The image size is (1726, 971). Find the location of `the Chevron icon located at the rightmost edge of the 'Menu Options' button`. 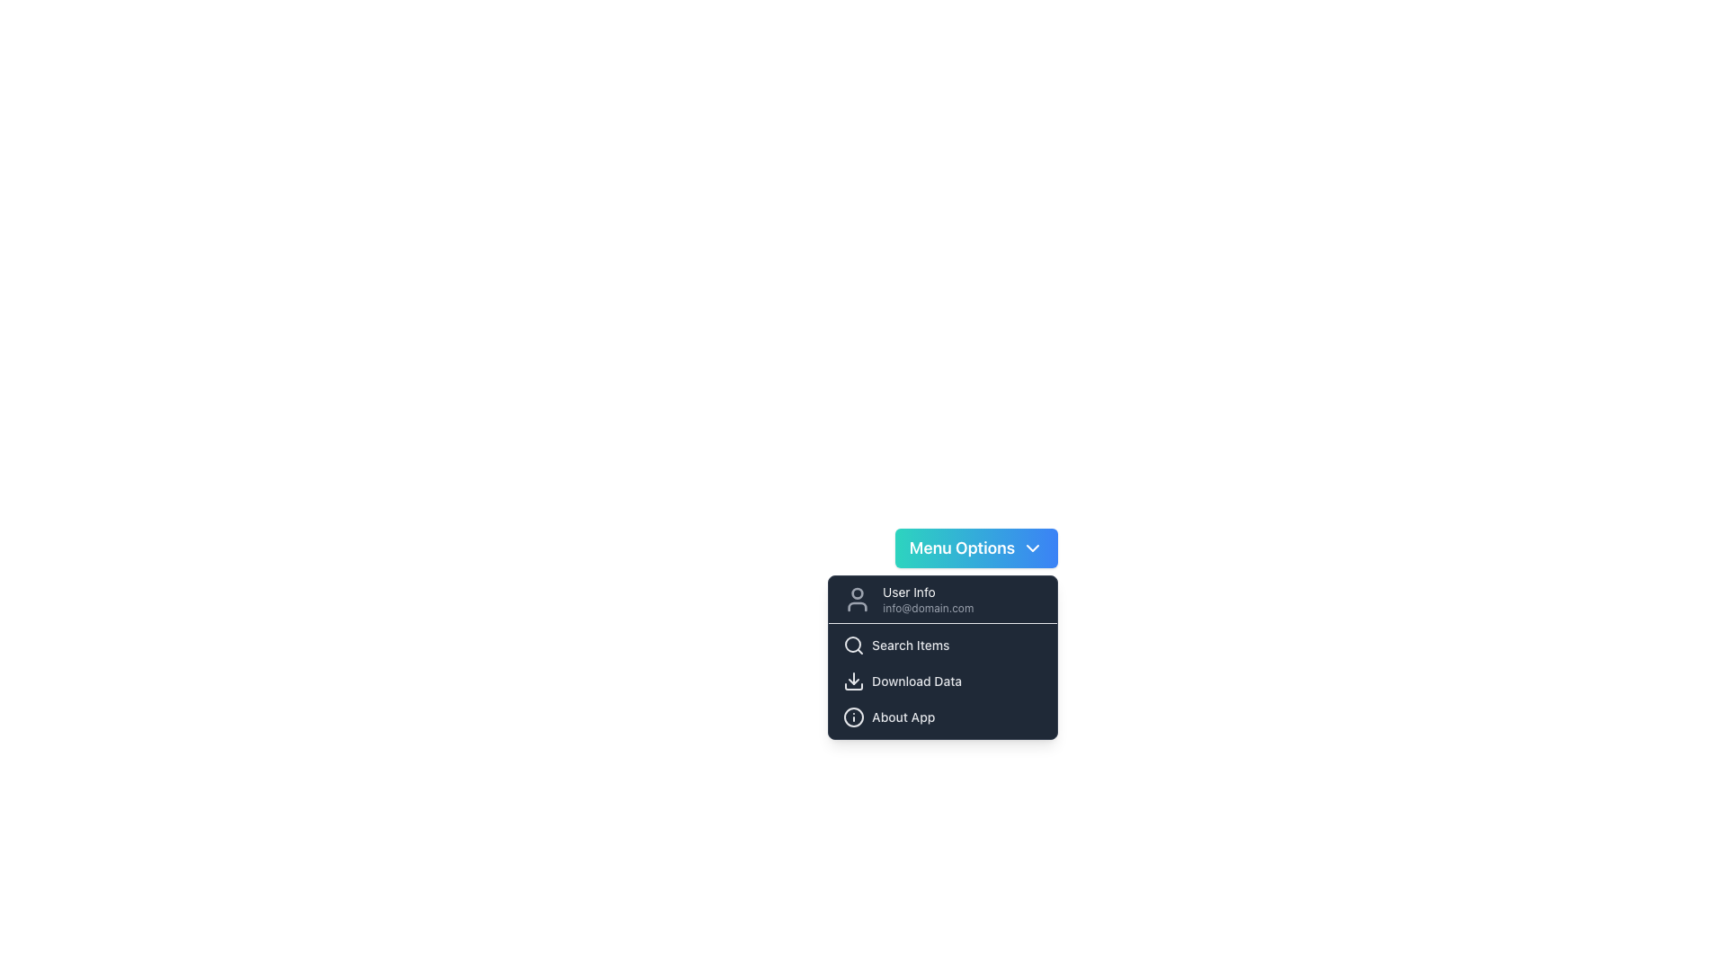

the Chevron icon located at the rightmost edge of the 'Menu Options' button is located at coordinates (1033, 547).